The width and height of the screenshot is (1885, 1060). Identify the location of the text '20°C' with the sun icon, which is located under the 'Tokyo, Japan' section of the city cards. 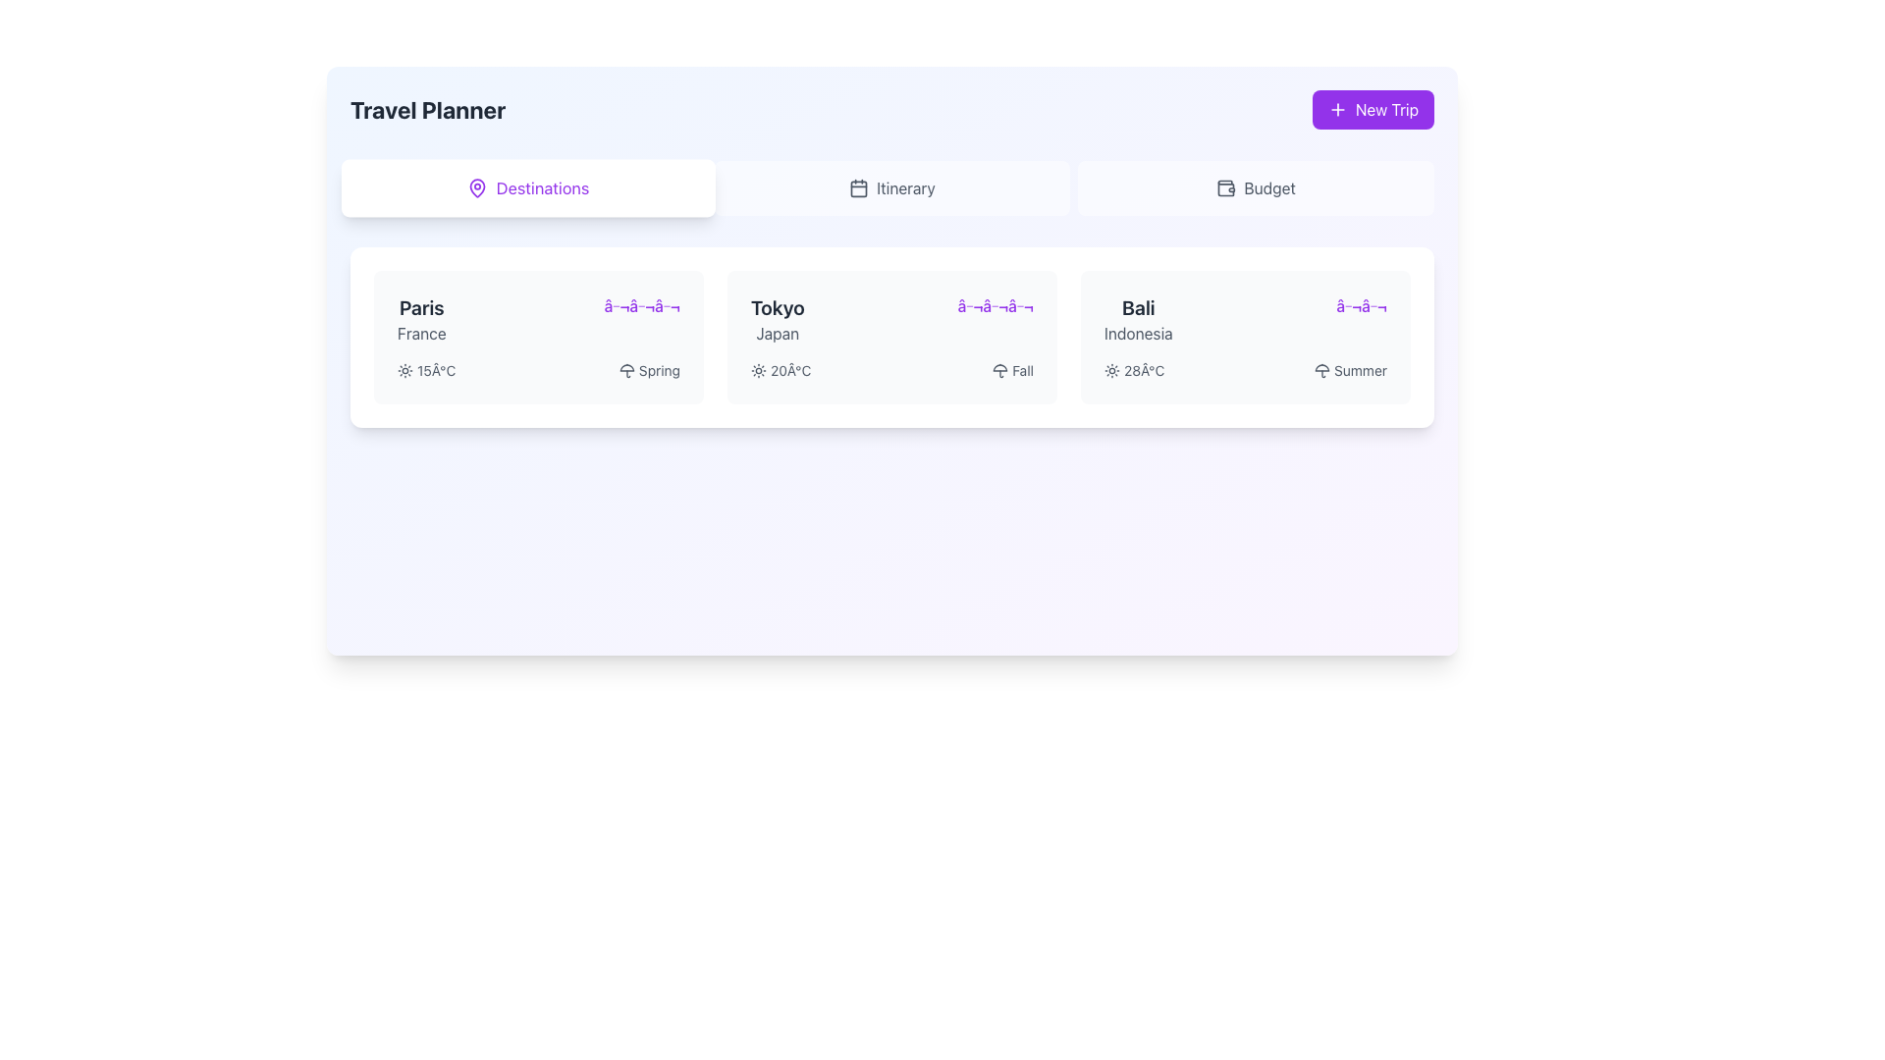
(780, 371).